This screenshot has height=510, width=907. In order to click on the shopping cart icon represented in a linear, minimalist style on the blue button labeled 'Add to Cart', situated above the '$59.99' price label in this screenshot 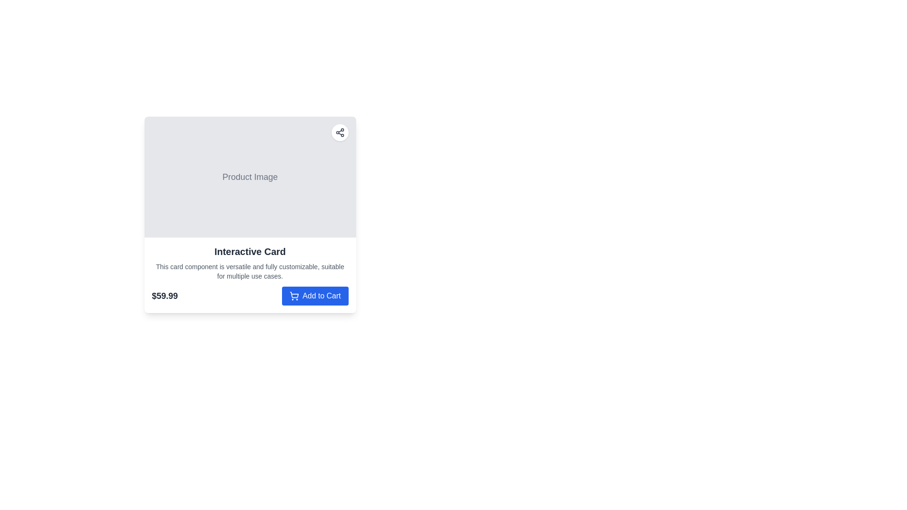, I will do `click(293, 294)`.